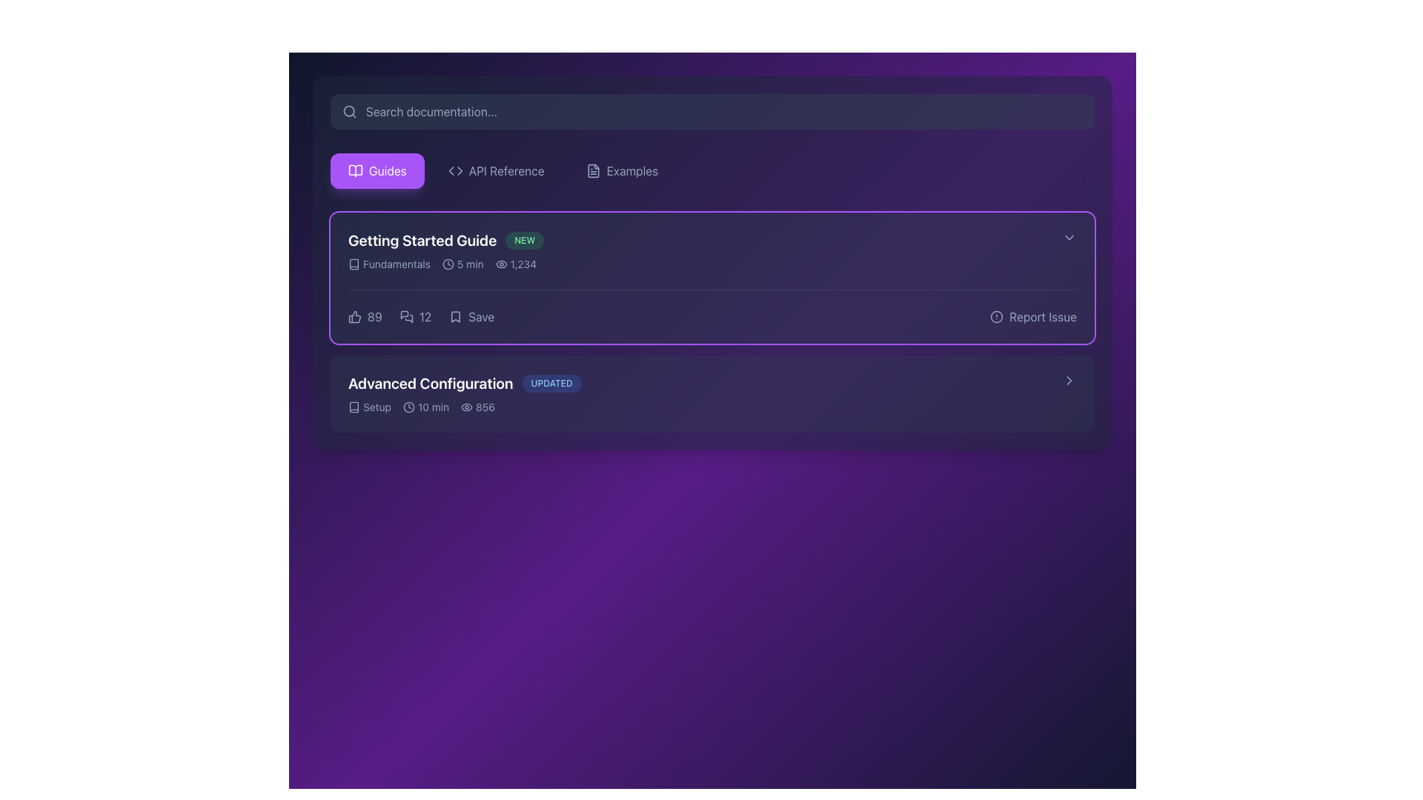 Image resolution: width=1423 pixels, height=800 pixels. I want to click on the chevron icon located at the far-right edge of the 'Getting Started Guide' item, so click(1069, 236).